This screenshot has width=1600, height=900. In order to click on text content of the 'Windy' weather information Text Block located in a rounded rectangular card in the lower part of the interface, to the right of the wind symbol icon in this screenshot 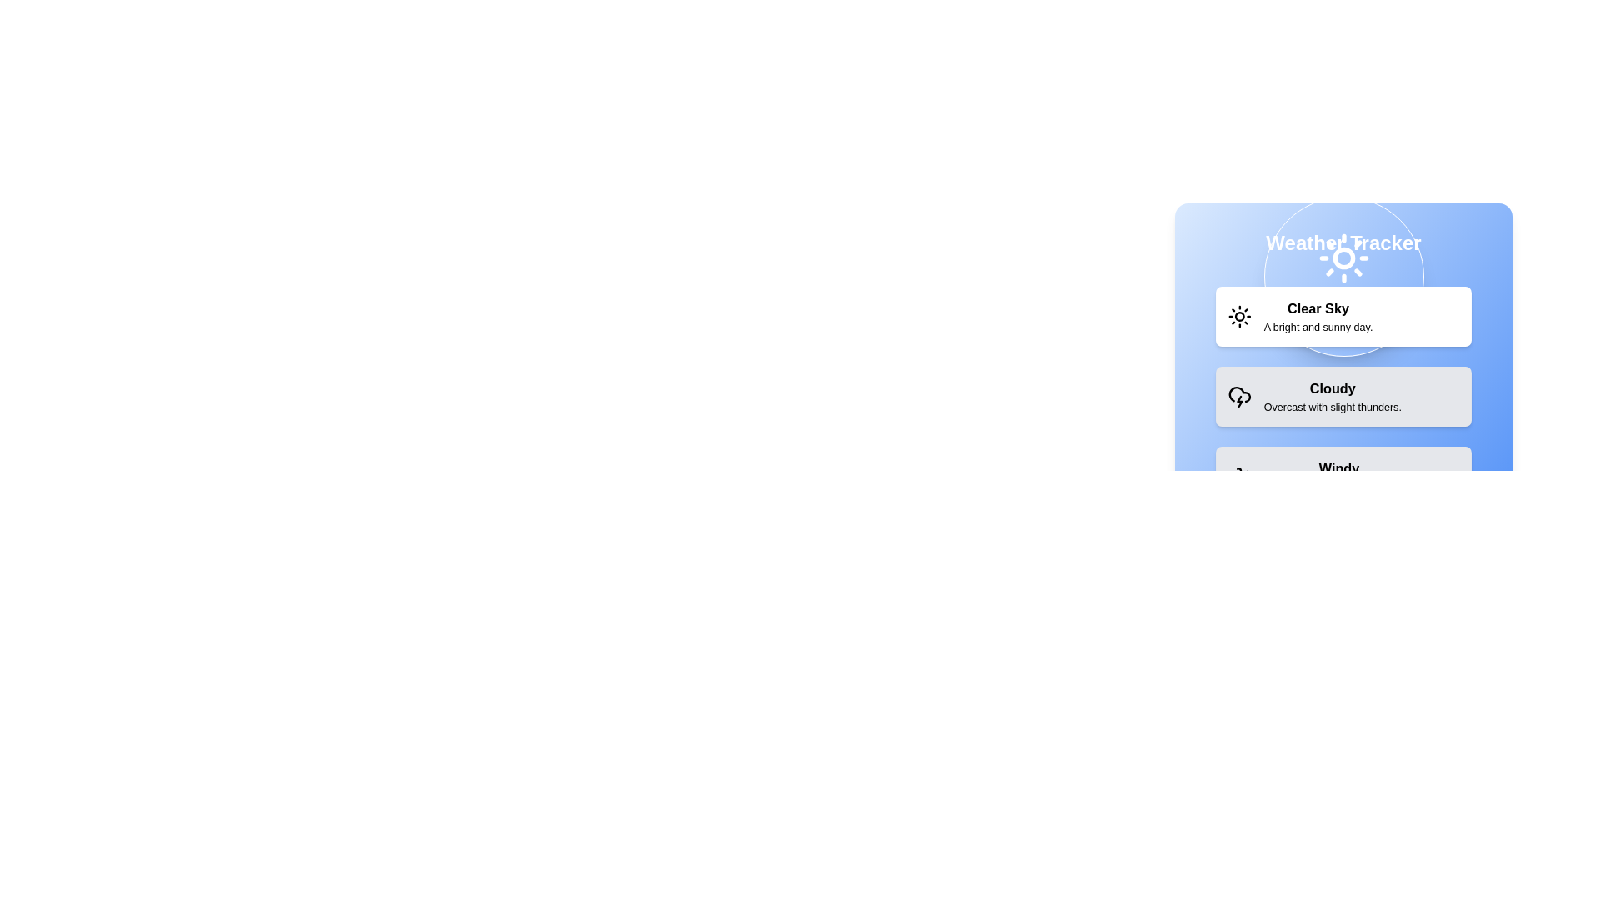, I will do `click(1339, 476)`.